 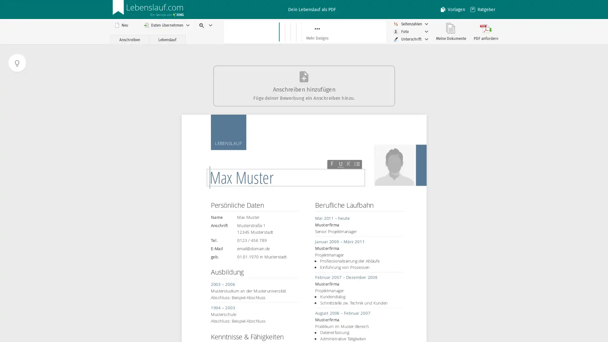 What do you see at coordinates (17, 62) in the screenshot?
I see `Tutorial anzeigen` at bounding box center [17, 62].